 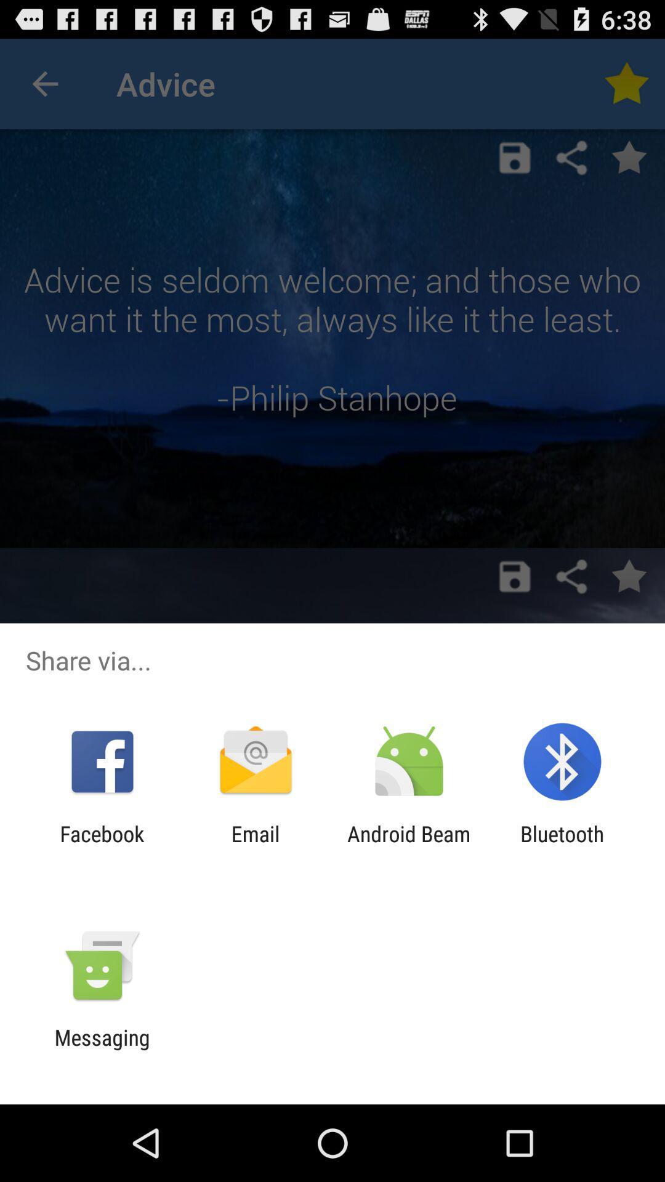 What do you see at coordinates (409, 846) in the screenshot?
I see `app to the right of email icon` at bounding box center [409, 846].